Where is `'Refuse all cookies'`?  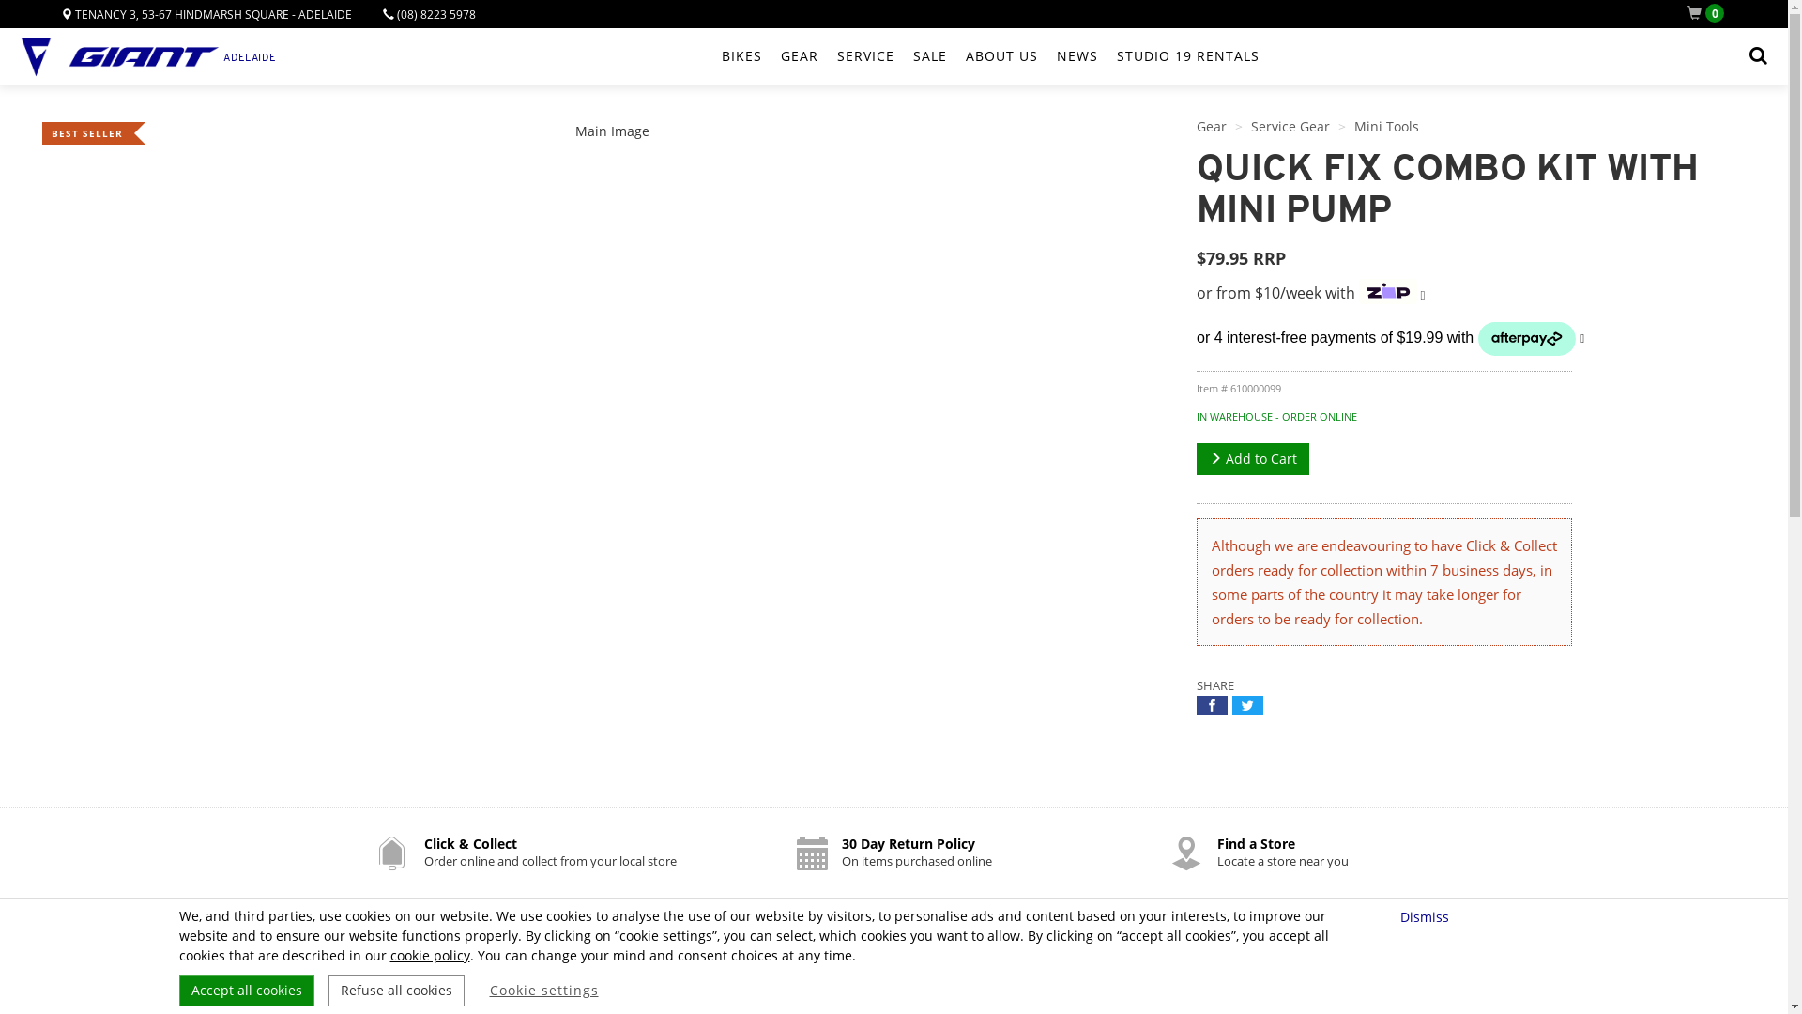
'Refuse all cookies' is located at coordinates (328, 990).